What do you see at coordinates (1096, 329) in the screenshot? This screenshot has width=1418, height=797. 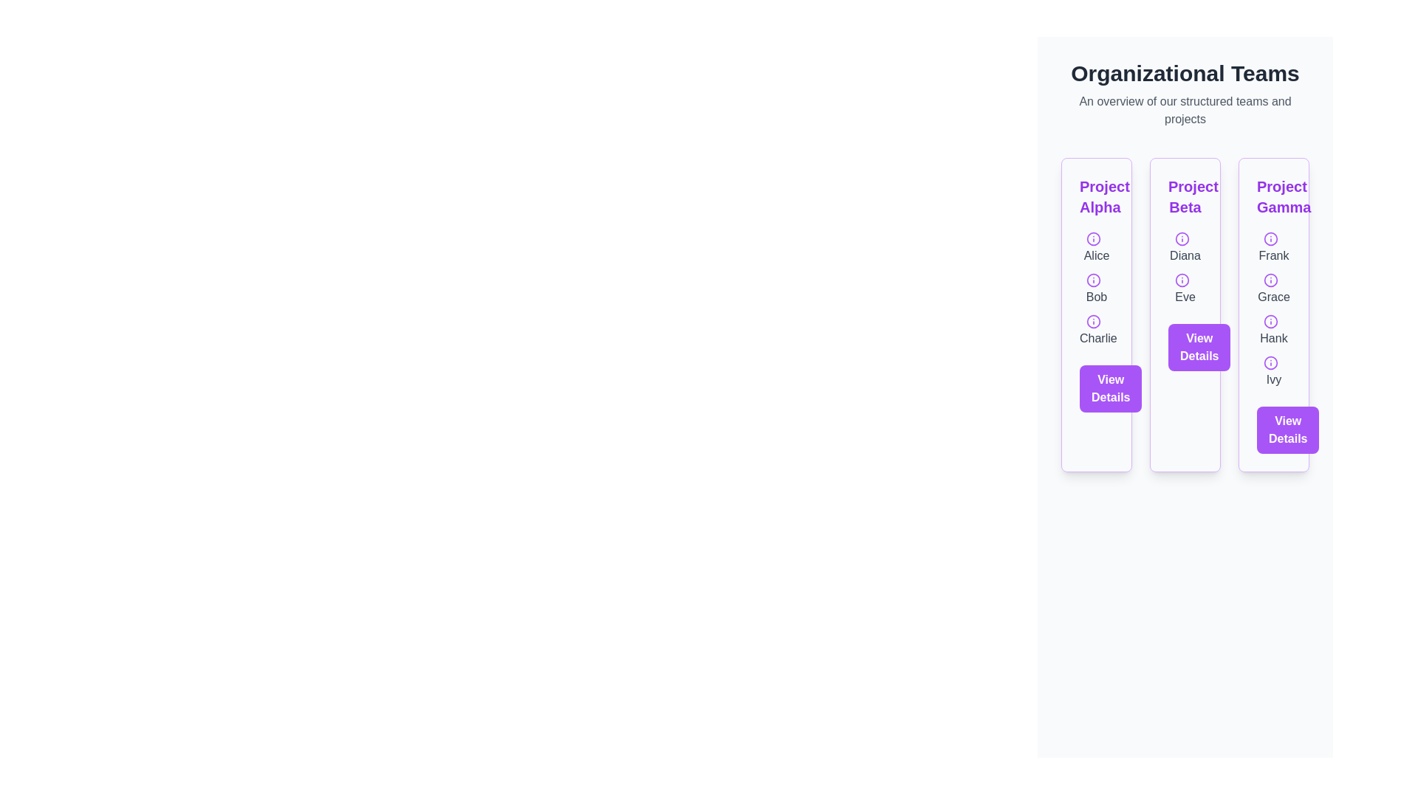 I see `the text label displaying 'Charlie', which is located under the 'Project Alpha' section, between 'Bob' and the 'View Details' button` at bounding box center [1096, 329].